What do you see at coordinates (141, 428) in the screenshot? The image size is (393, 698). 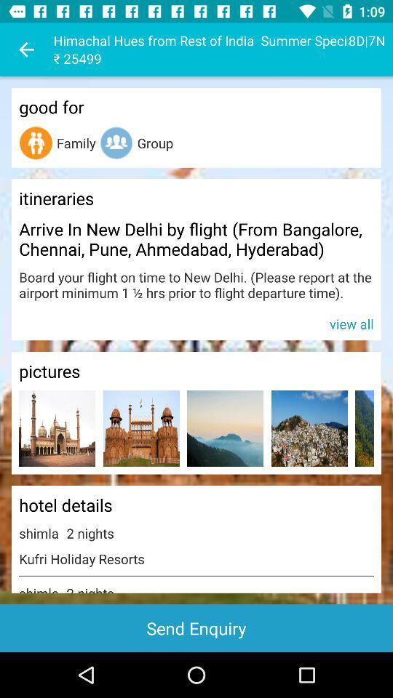 I see `open picture` at bounding box center [141, 428].